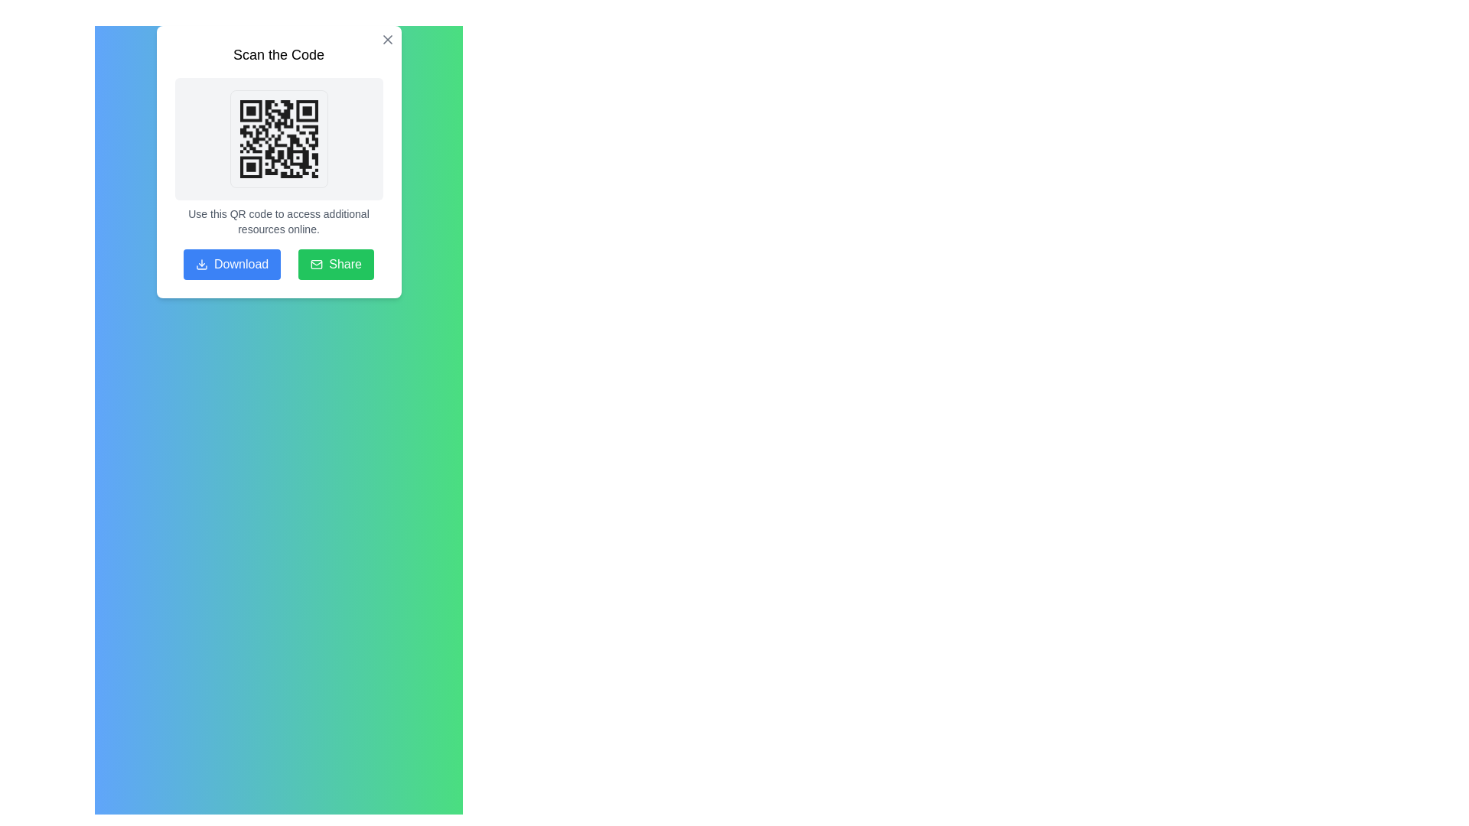 Image resolution: width=1469 pixels, height=826 pixels. I want to click on the 'Download' button with a blue background and white text to initiate the download, so click(231, 264).